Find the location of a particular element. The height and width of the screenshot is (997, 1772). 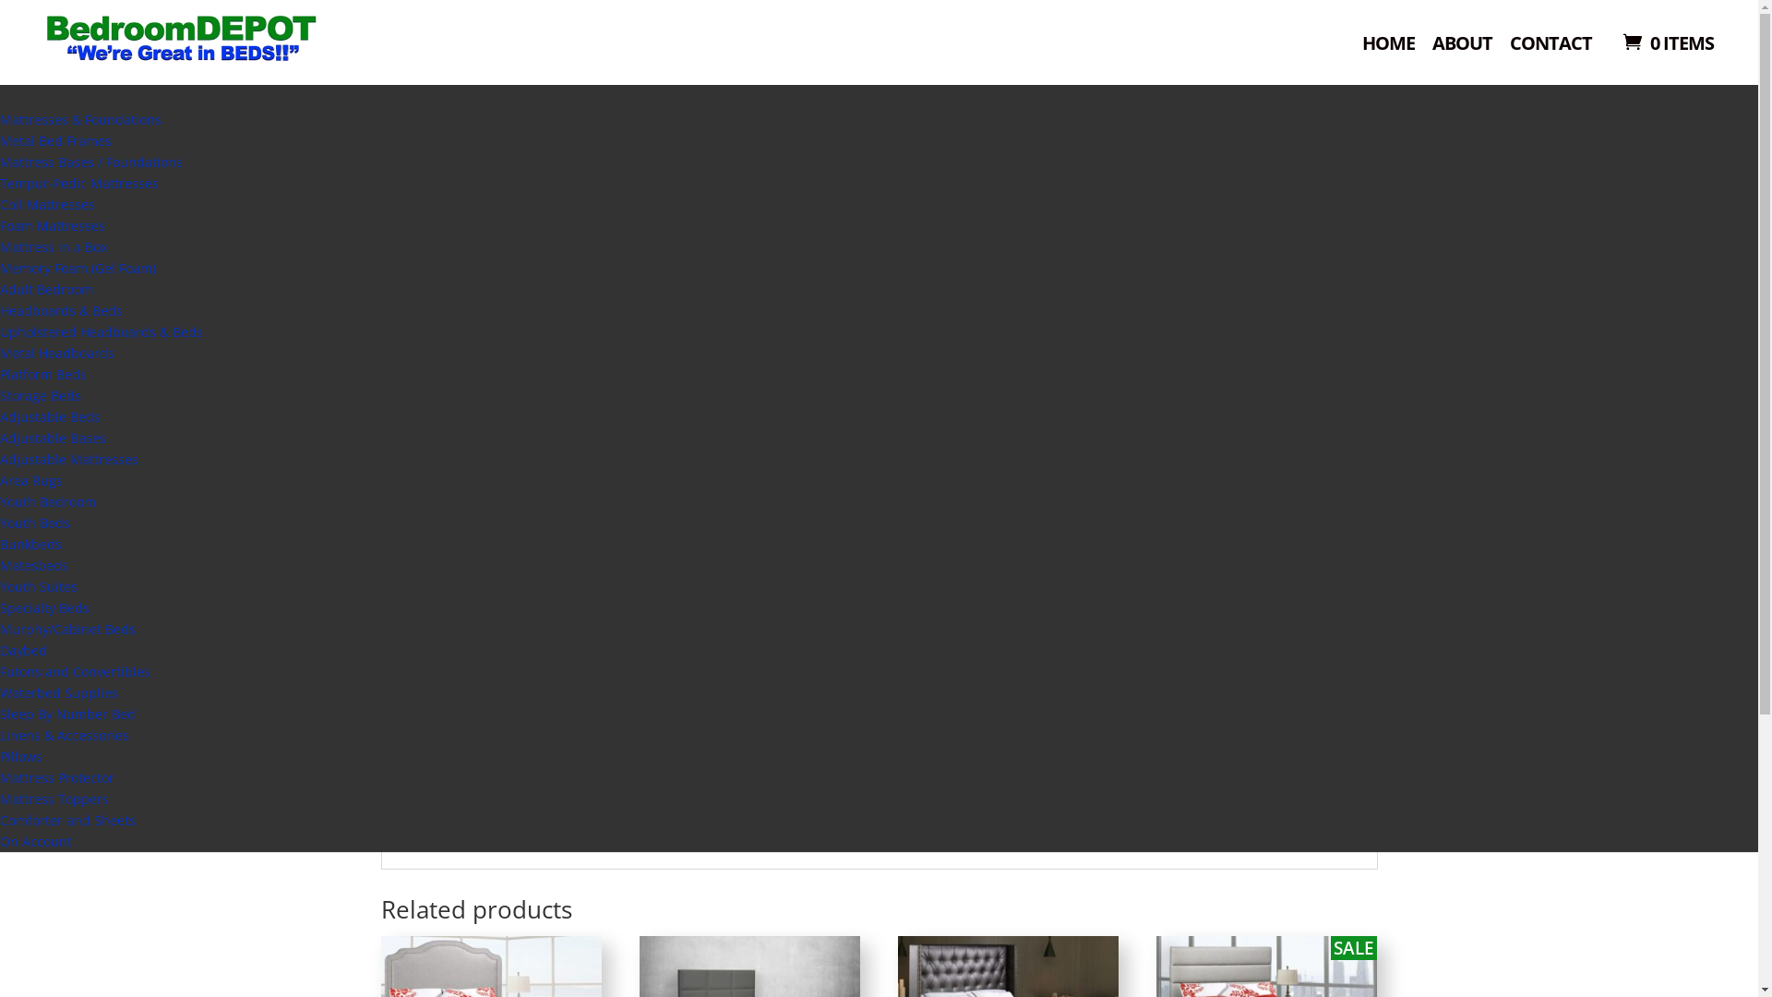

'Metal Headboards' is located at coordinates (57, 353).